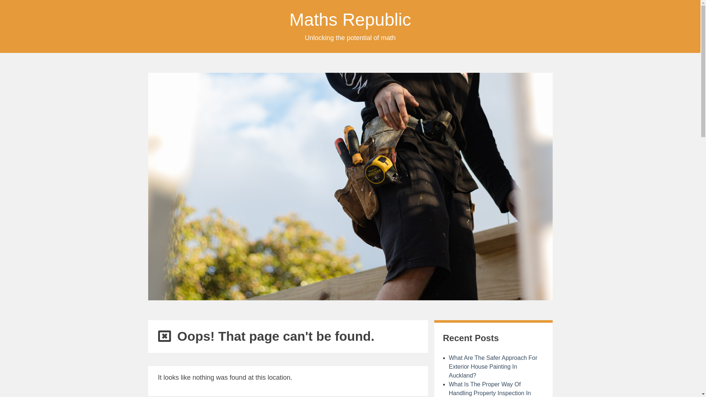  What do you see at coordinates (350, 19) in the screenshot?
I see `'Maths Republic'` at bounding box center [350, 19].